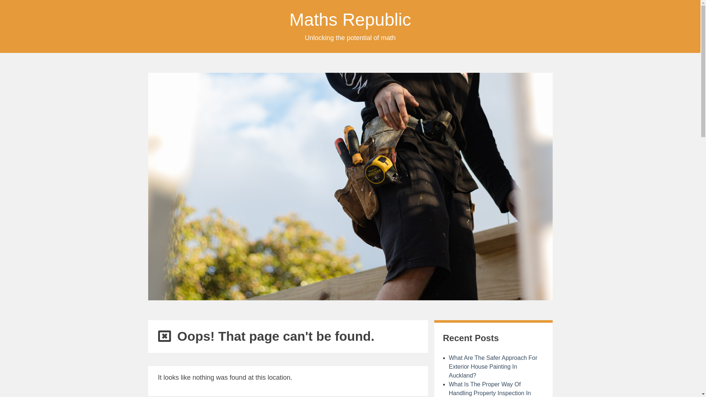  What do you see at coordinates (350, 19) in the screenshot?
I see `'Maths Republic'` at bounding box center [350, 19].